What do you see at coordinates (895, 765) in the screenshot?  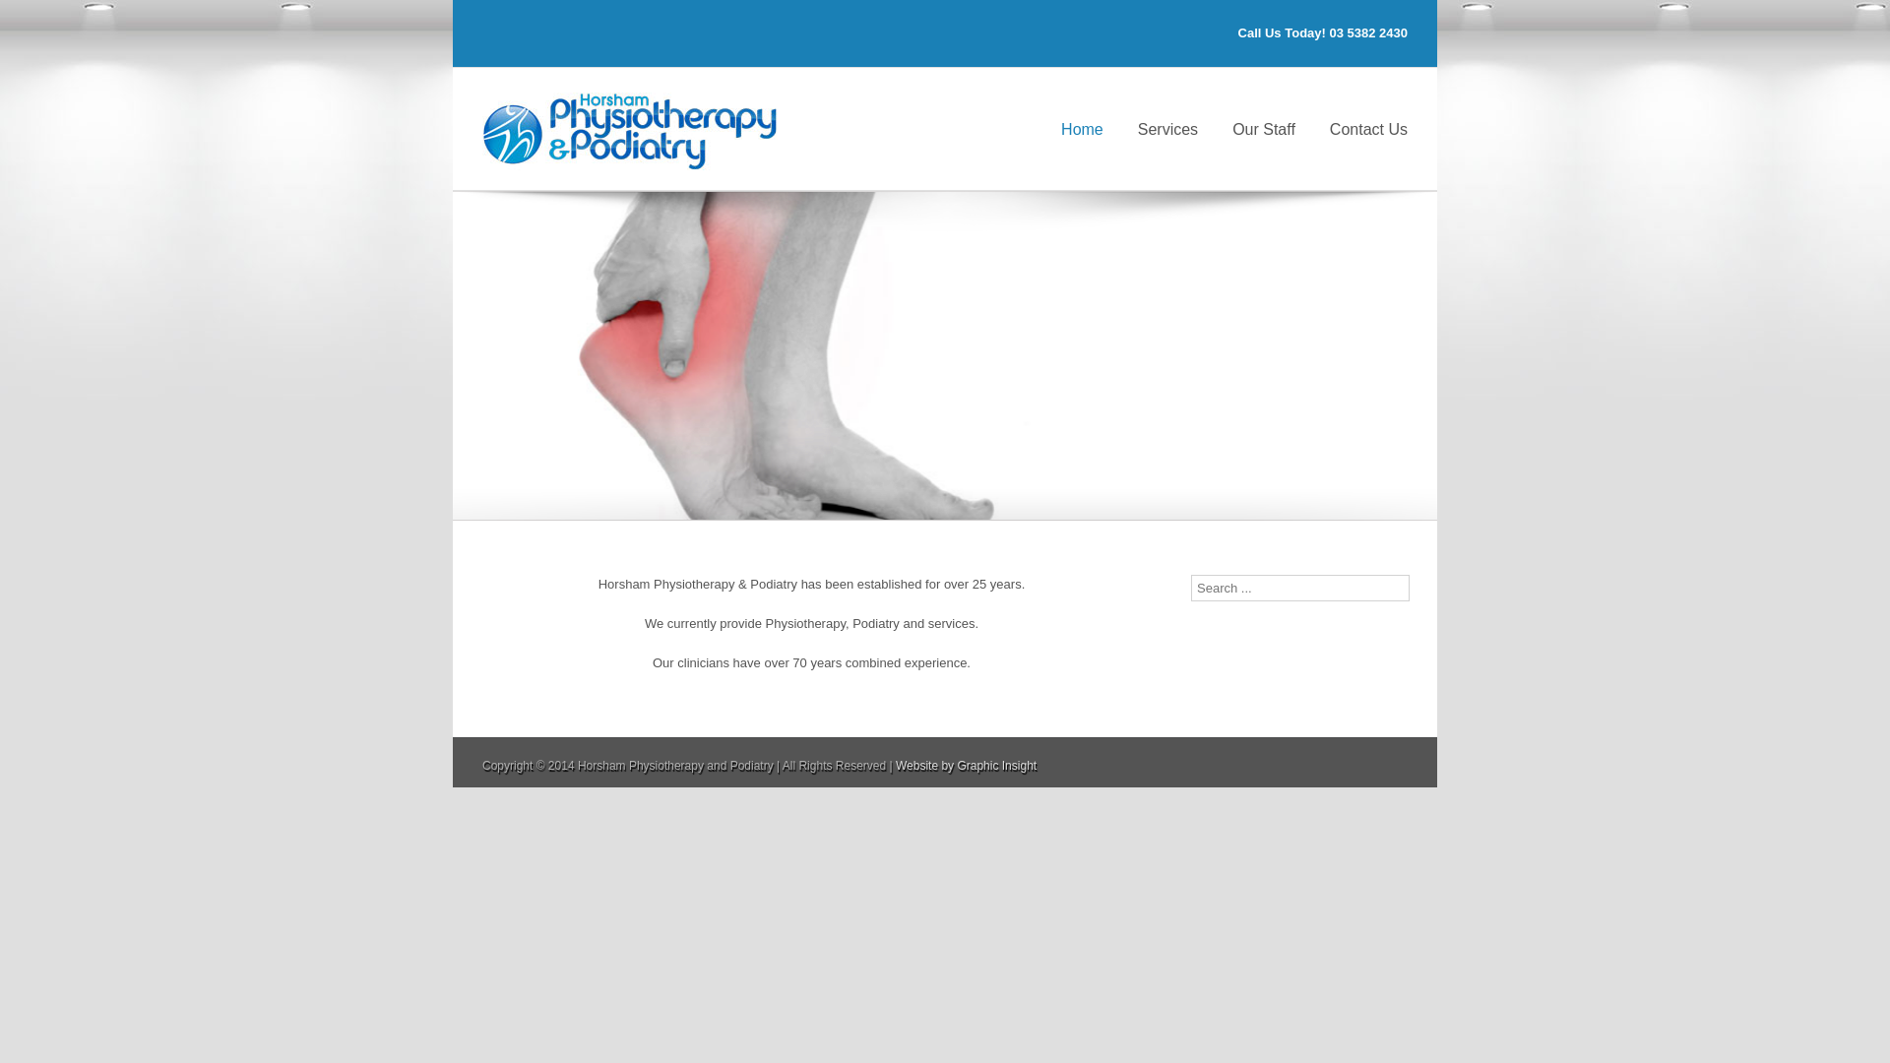 I see `'Website by Graphic Insight'` at bounding box center [895, 765].